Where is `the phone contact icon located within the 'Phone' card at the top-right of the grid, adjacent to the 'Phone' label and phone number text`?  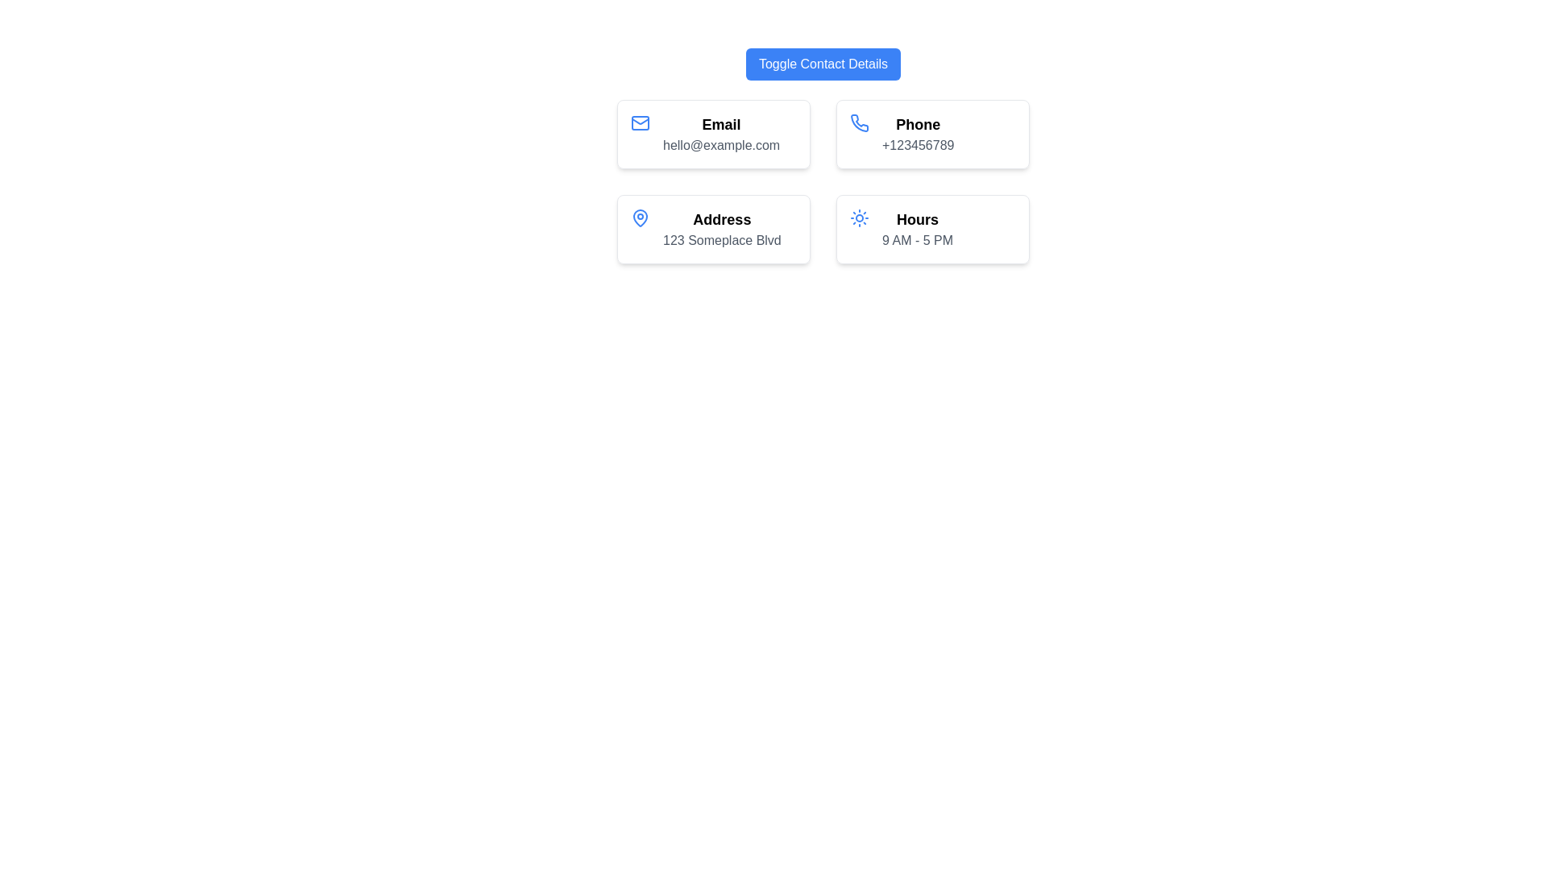 the phone contact icon located within the 'Phone' card at the top-right of the grid, adjacent to the 'Phone' label and phone number text is located at coordinates (859, 122).